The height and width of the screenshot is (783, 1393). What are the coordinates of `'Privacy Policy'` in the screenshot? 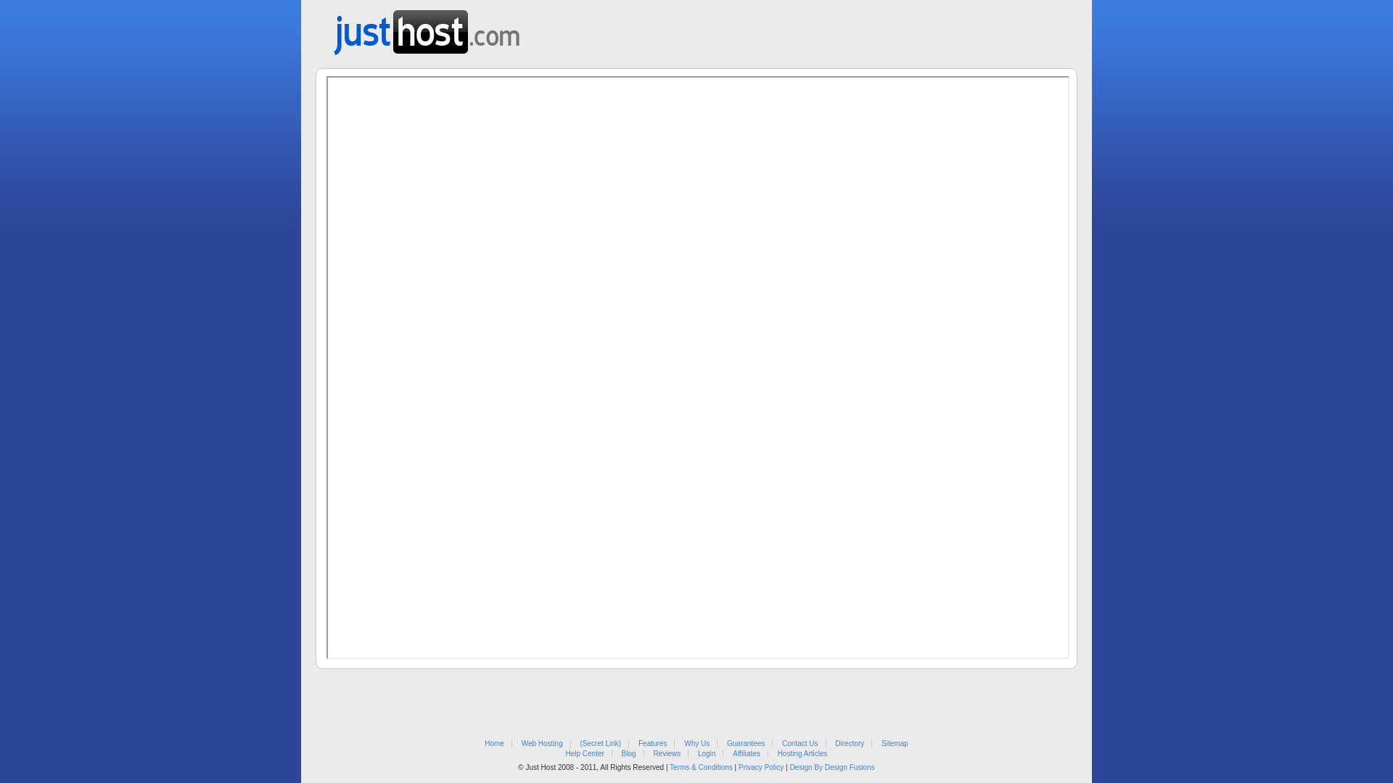 It's located at (760, 766).